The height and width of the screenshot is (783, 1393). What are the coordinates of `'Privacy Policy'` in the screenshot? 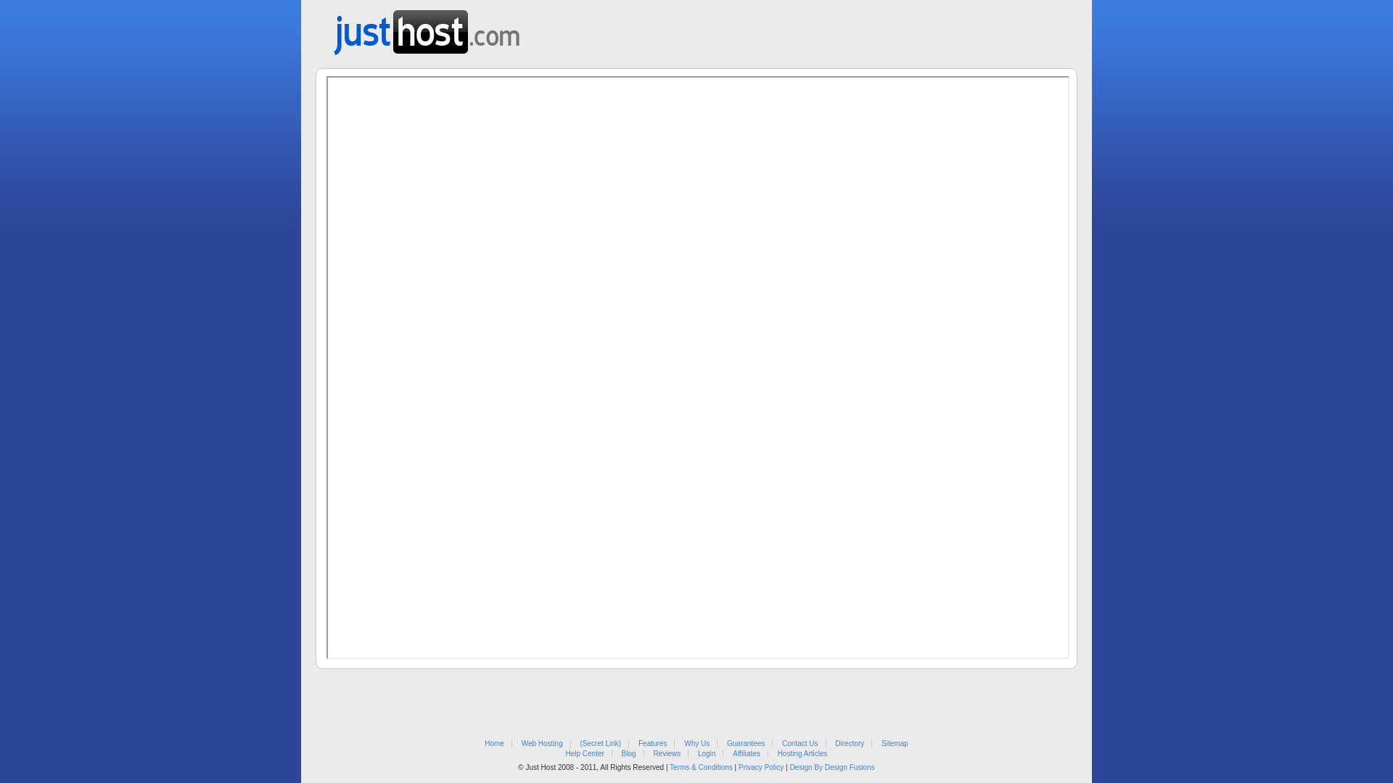 It's located at (760, 766).